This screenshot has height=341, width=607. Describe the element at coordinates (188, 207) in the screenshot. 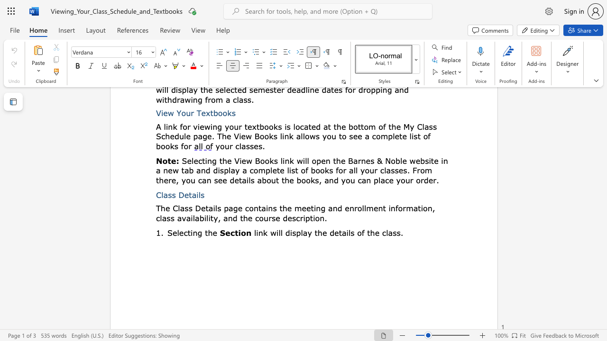

I see `the subset text "s Detail" within the text "The Class Details page"` at that location.